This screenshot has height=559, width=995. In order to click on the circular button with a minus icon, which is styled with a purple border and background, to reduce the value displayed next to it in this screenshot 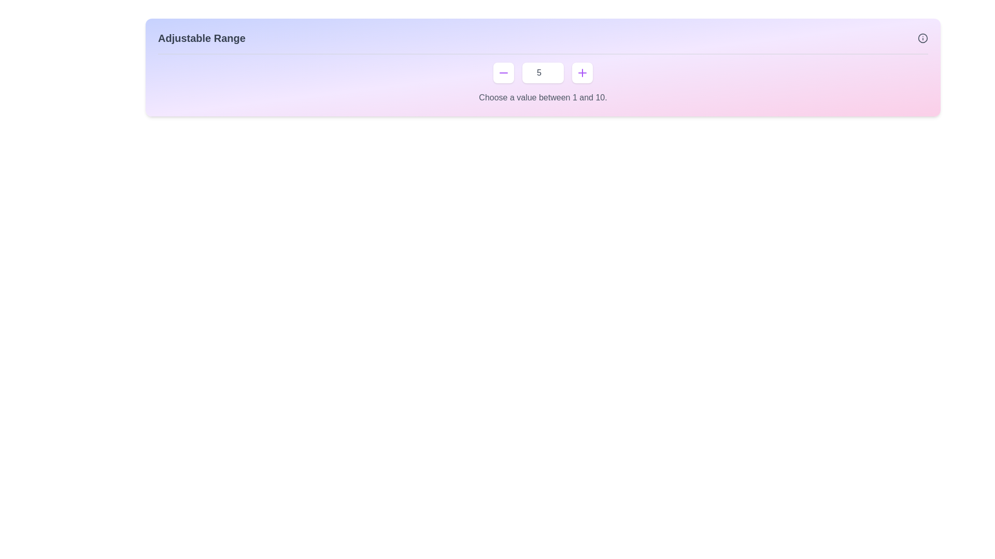, I will do `click(503, 72)`.